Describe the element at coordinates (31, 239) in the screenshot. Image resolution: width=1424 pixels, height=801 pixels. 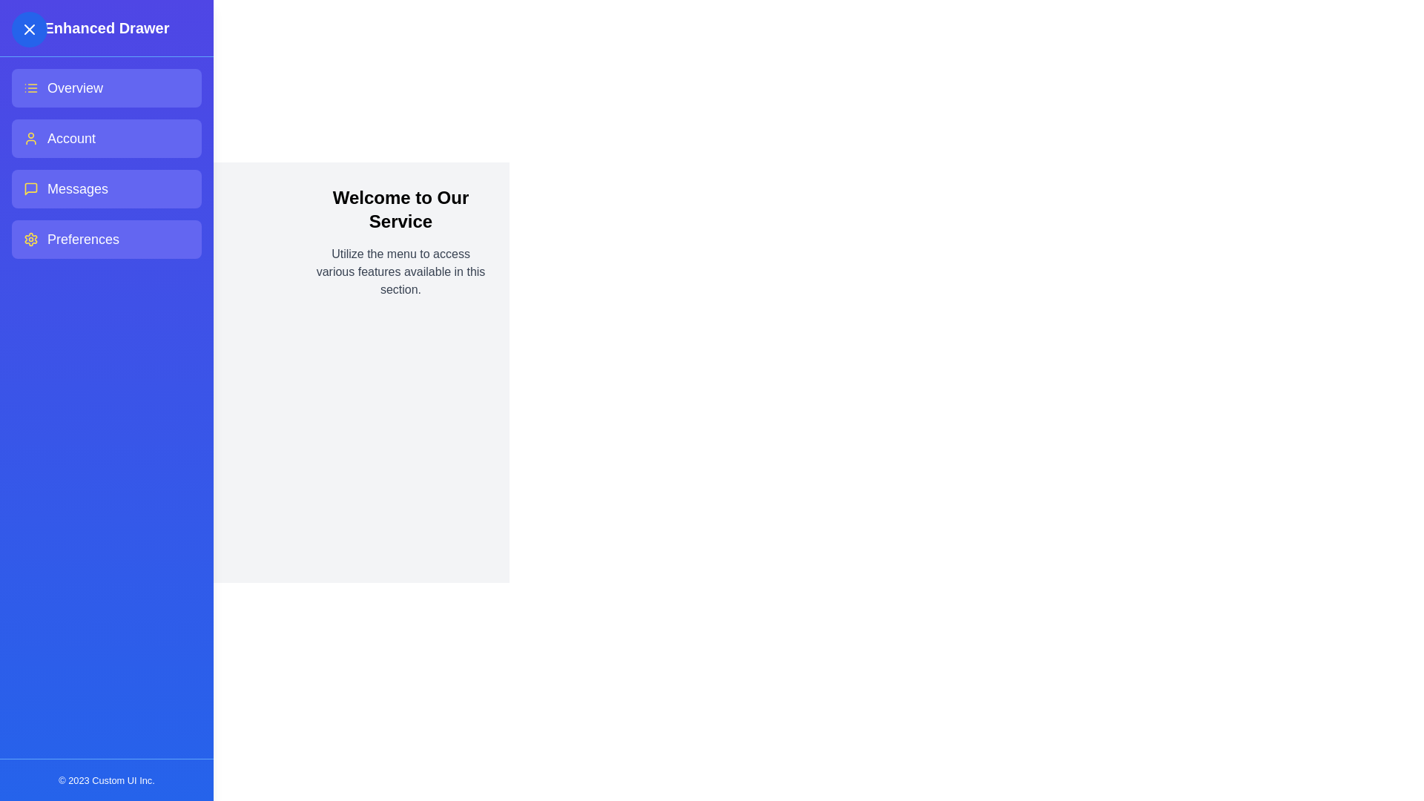
I see `the yellow cogwheel icon located in the Preferences menu` at that location.